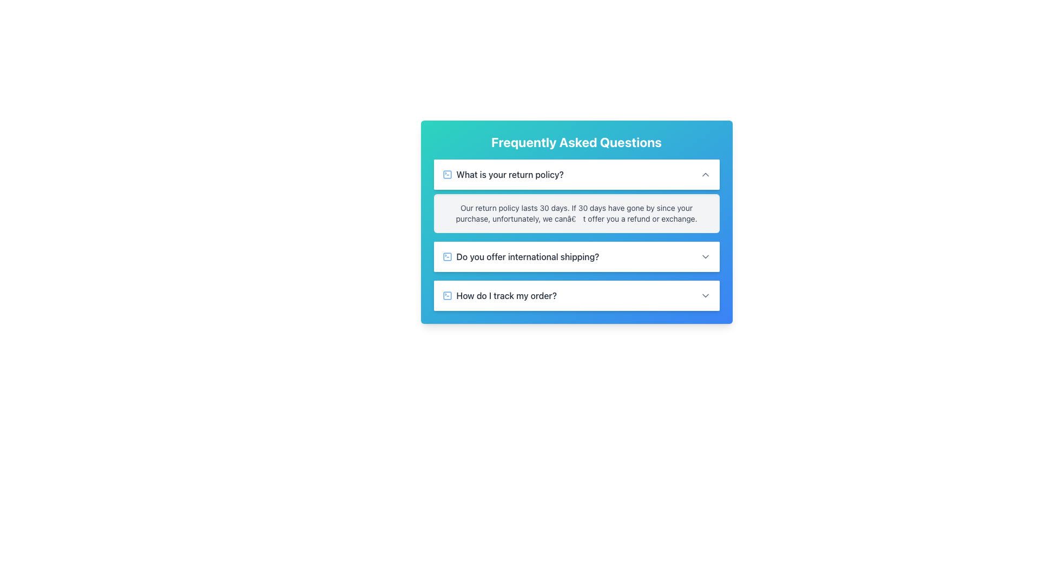 Image resolution: width=1039 pixels, height=584 pixels. What do you see at coordinates (576, 213) in the screenshot?
I see `the descriptive text block providing information about the return policy, located directly below the heading 'What is your return policy?' in the FAQ section` at bounding box center [576, 213].